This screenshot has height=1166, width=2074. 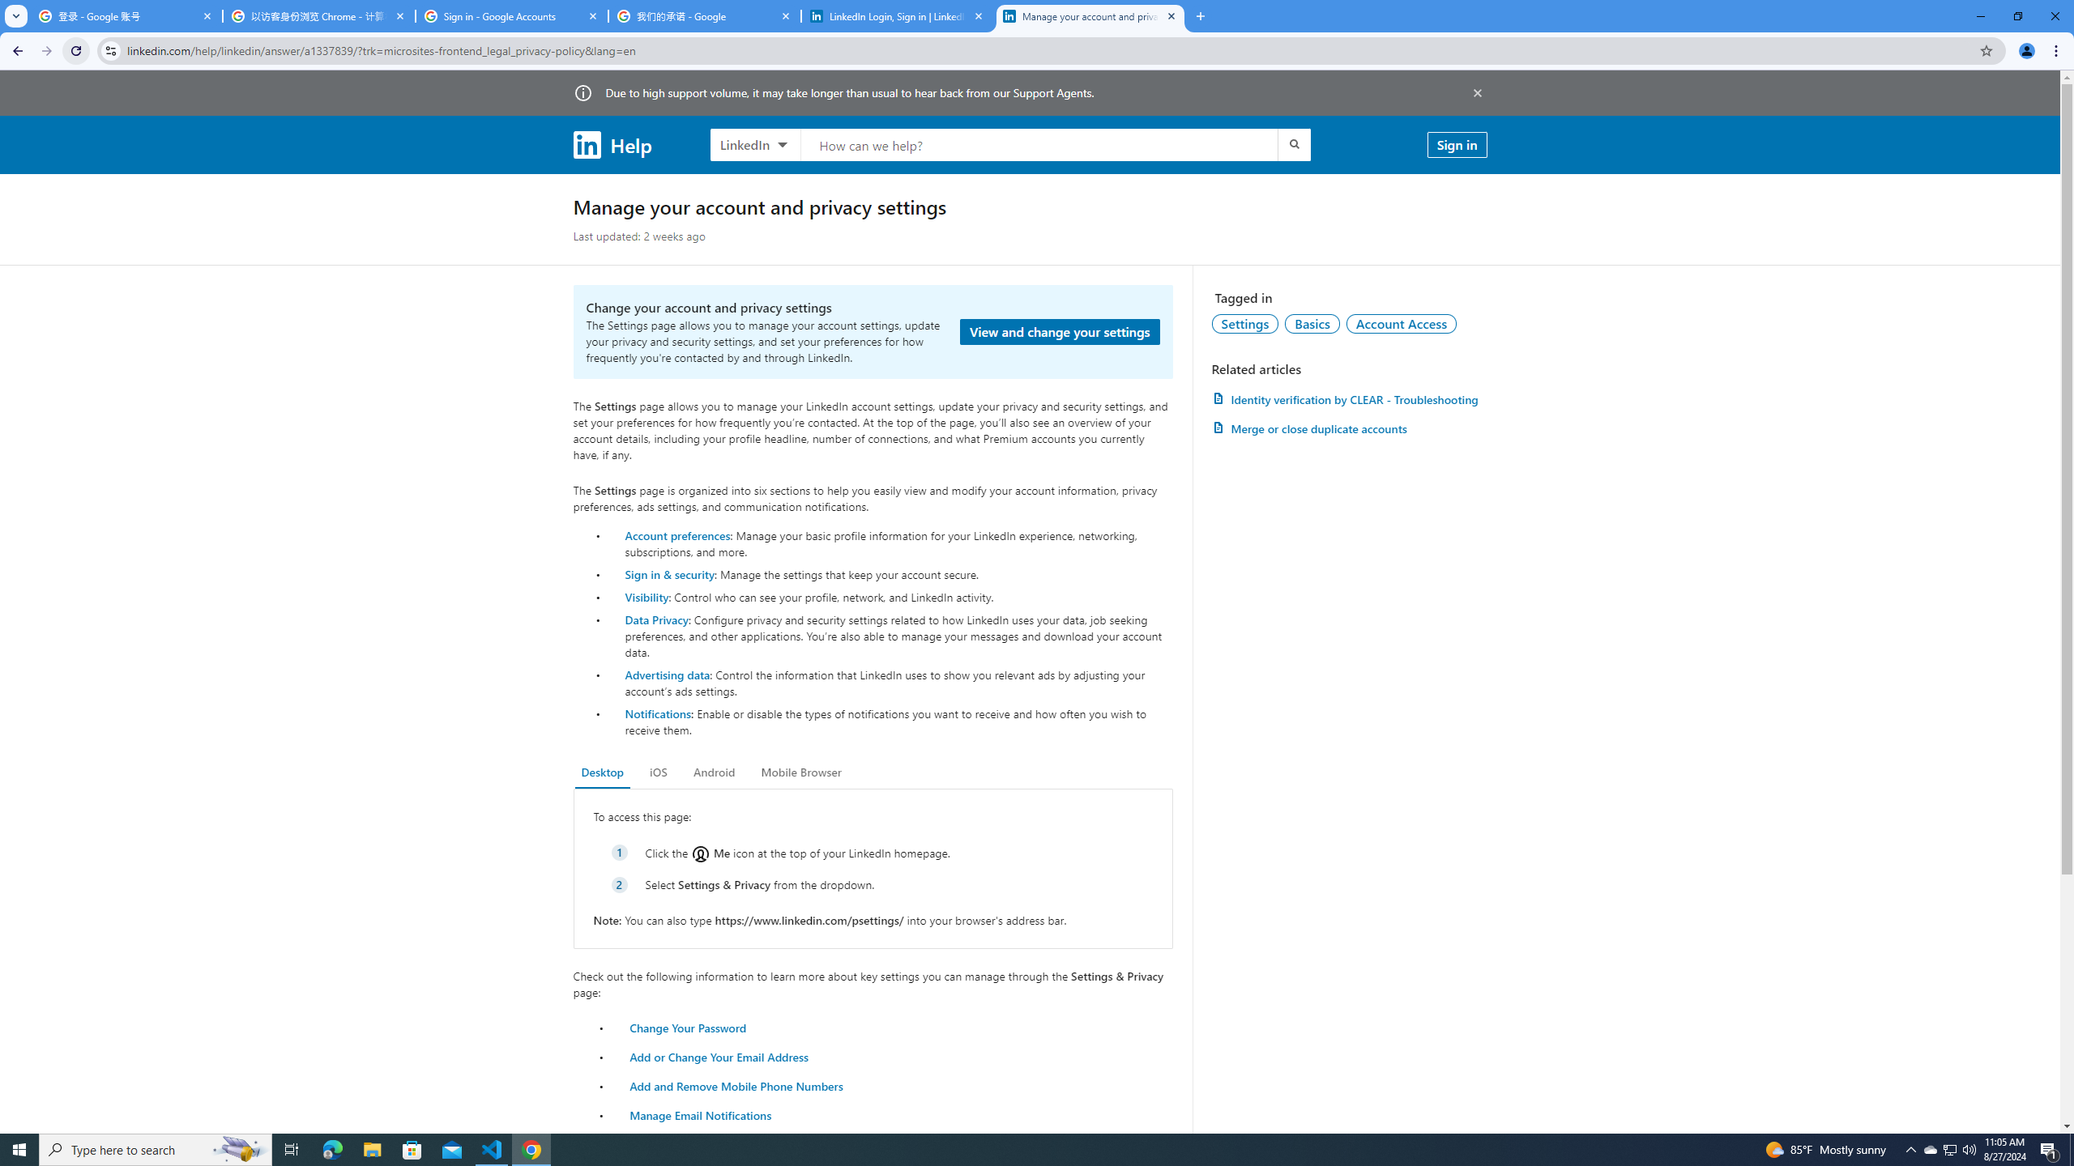 I want to click on 'Manage your account and privacy settings | LinkedIn Help', so click(x=1090, y=15).